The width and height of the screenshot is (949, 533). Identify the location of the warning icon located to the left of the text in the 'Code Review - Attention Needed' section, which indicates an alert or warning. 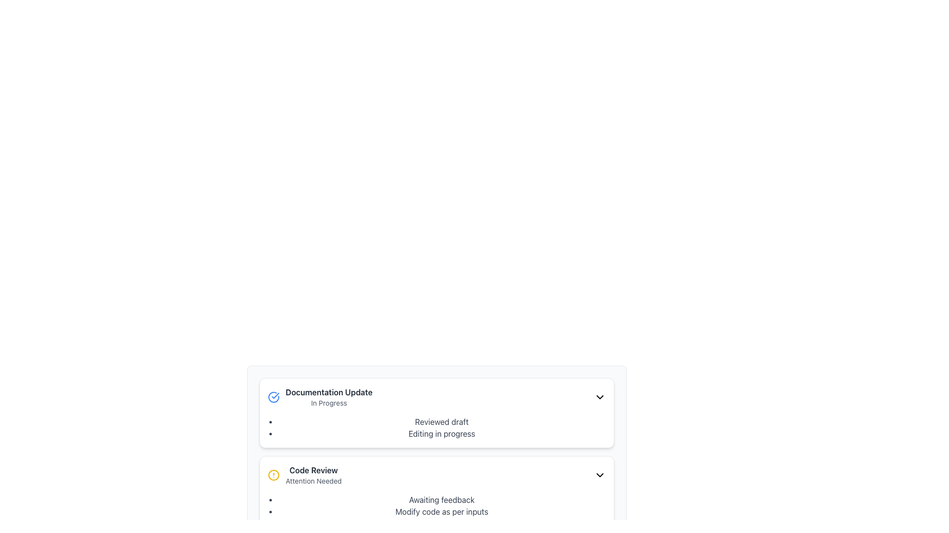
(273, 475).